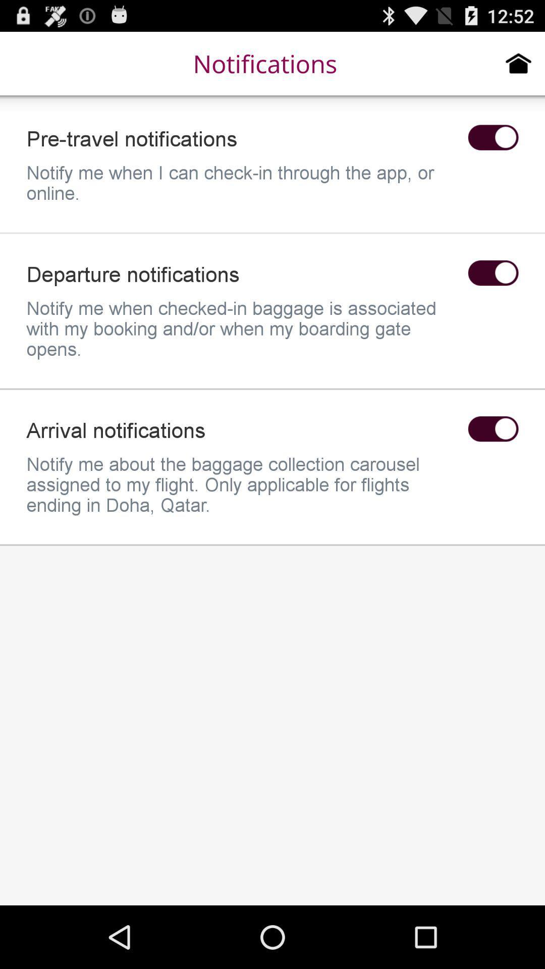  Describe the element at coordinates (518, 63) in the screenshot. I see `the icon to the right of the notifications item` at that location.